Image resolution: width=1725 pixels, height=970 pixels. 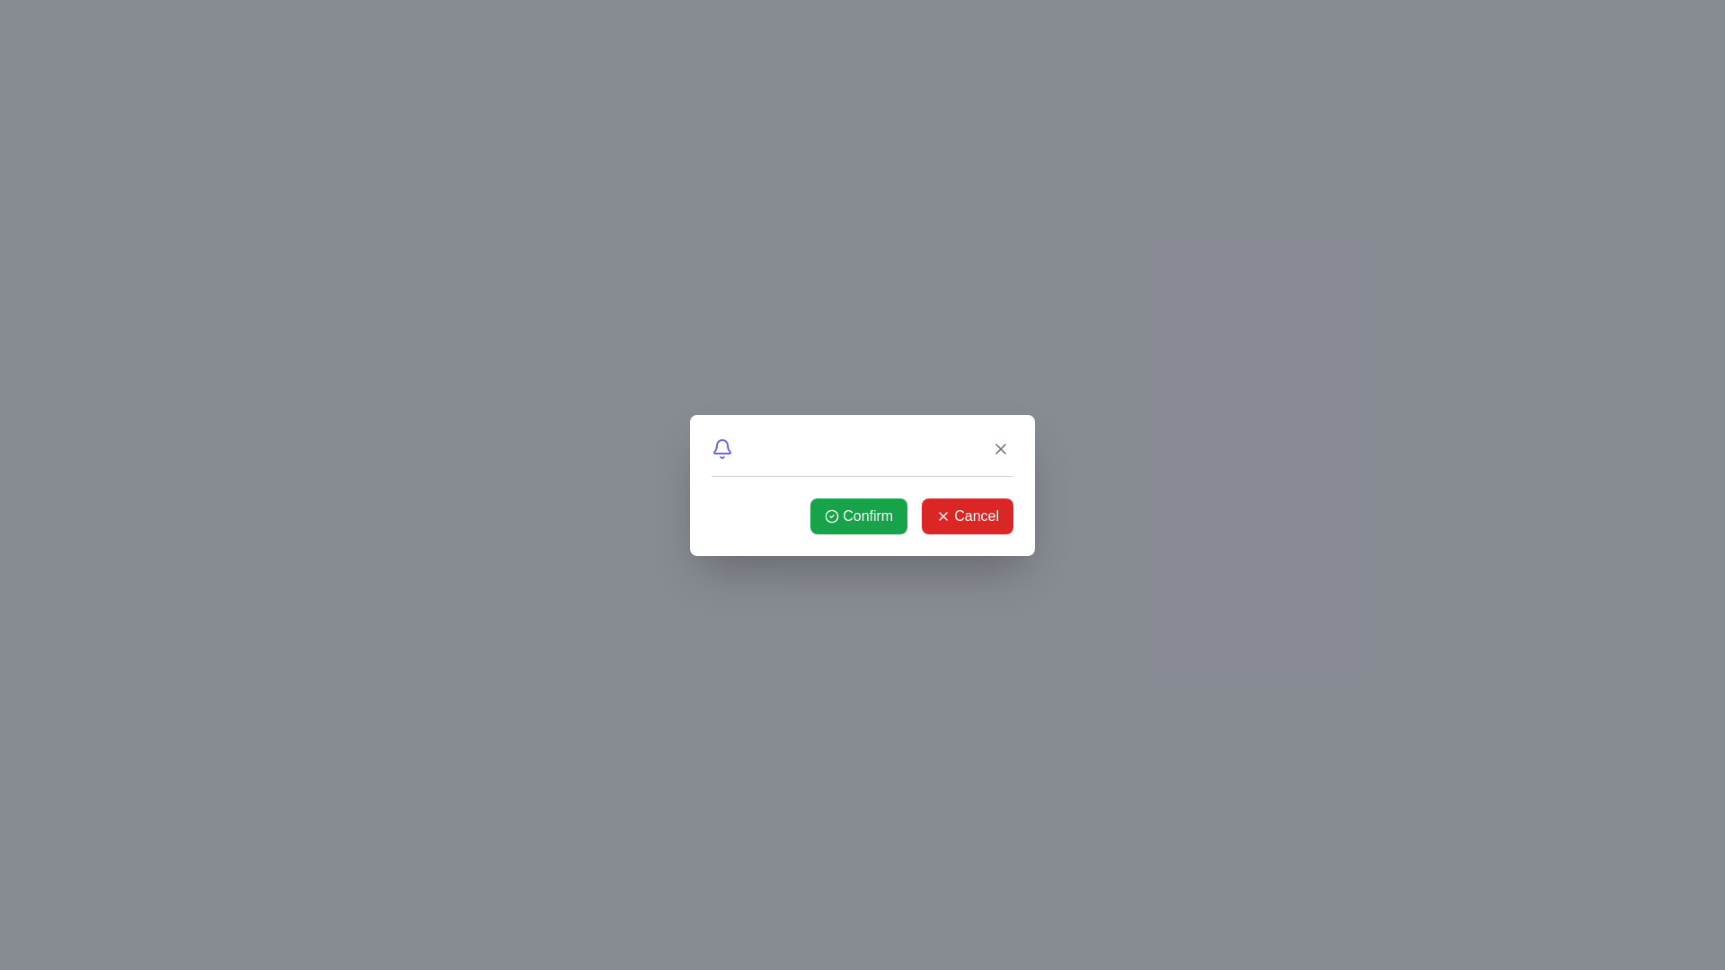 What do you see at coordinates (862, 516) in the screenshot?
I see `the Confirm button on the Button Group located at the bottom of the white card to proceed with the current operation` at bounding box center [862, 516].